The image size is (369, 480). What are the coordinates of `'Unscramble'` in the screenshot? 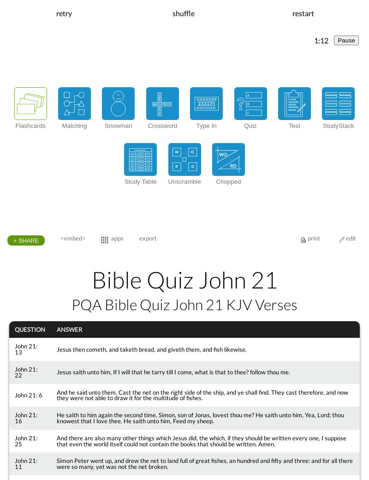 It's located at (184, 181).